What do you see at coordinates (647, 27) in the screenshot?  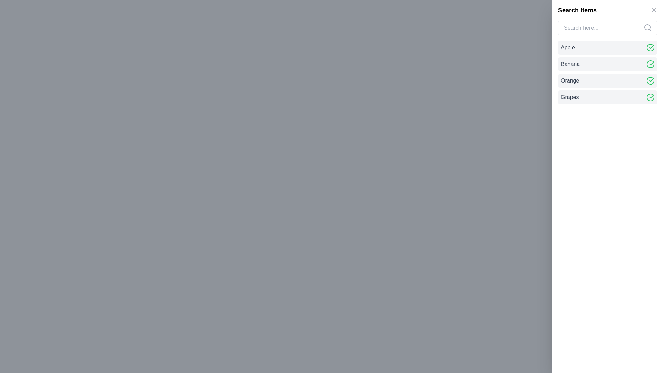 I see `the magnifying glass icon, which is located at the top-right of the search input field` at bounding box center [647, 27].